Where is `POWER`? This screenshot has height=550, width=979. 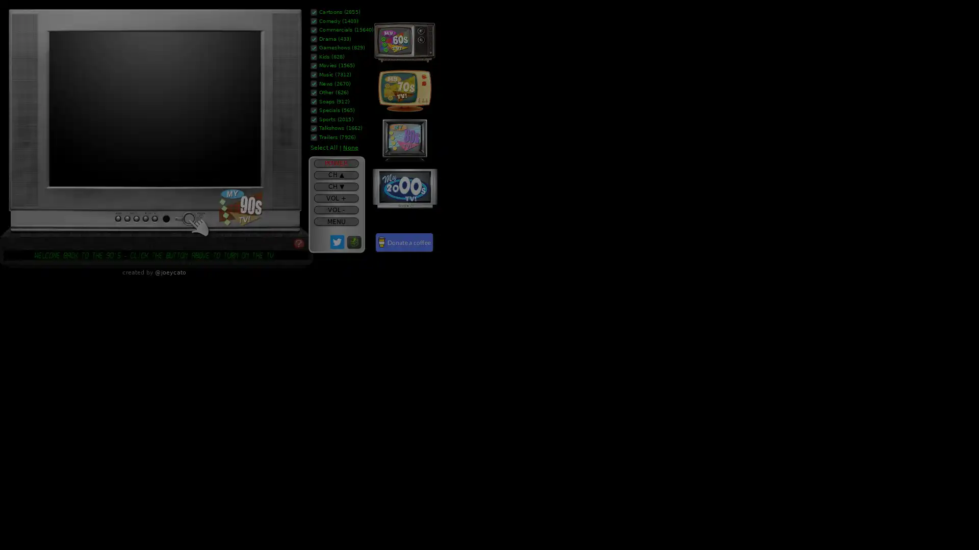
POWER is located at coordinates (336, 162).